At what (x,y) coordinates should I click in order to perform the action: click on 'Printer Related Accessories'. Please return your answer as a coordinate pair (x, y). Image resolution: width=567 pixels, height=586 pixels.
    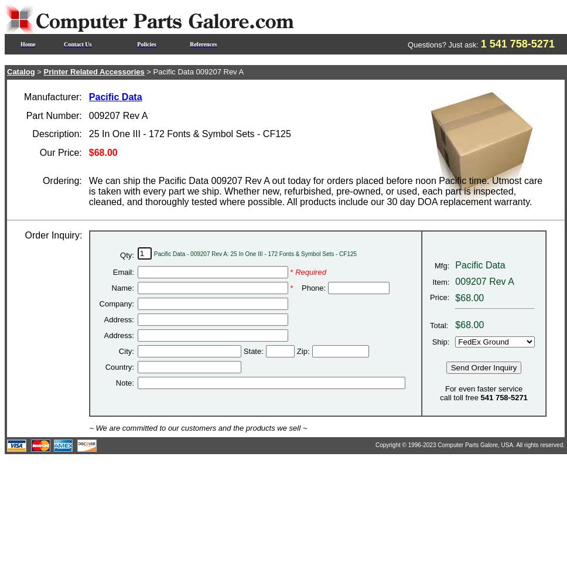
    Looking at the image, I should click on (42, 71).